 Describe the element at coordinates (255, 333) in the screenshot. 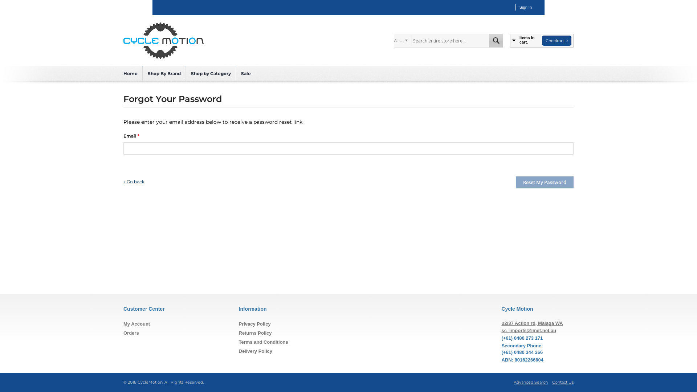

I see `'Returns Policy'` at that location.